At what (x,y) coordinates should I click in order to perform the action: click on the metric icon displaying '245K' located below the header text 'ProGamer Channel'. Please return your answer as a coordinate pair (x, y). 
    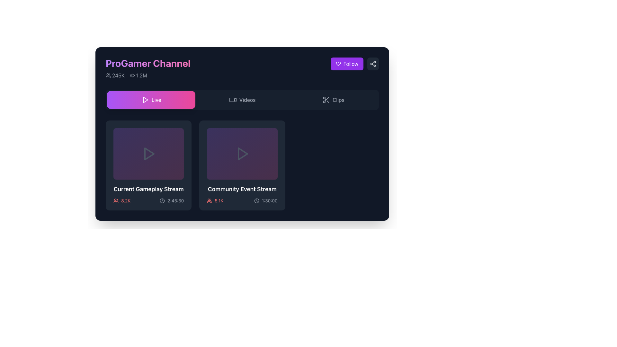
    Looking at the image, I should click on (108, 75).